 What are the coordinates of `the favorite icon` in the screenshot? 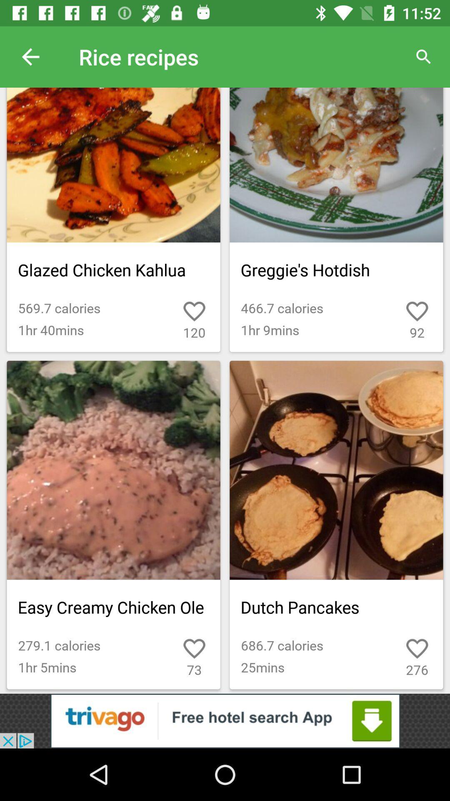 It's located at (398, 642).